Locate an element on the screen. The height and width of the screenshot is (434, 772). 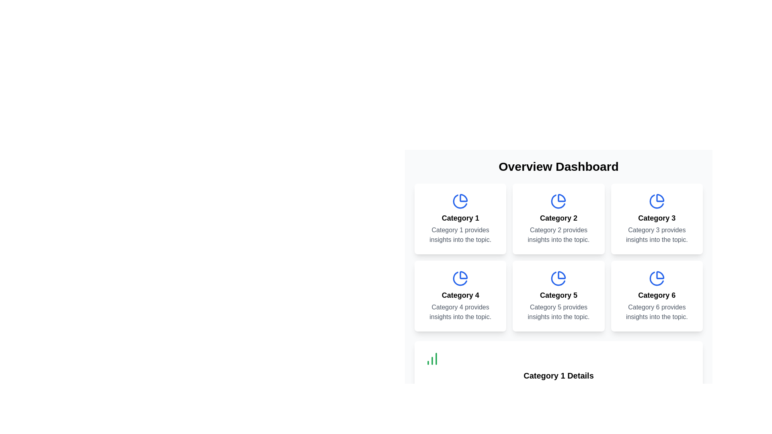
the upper-right segment of the pie chart icon in the 'Category 2' box is located at coordinates (561, 198).